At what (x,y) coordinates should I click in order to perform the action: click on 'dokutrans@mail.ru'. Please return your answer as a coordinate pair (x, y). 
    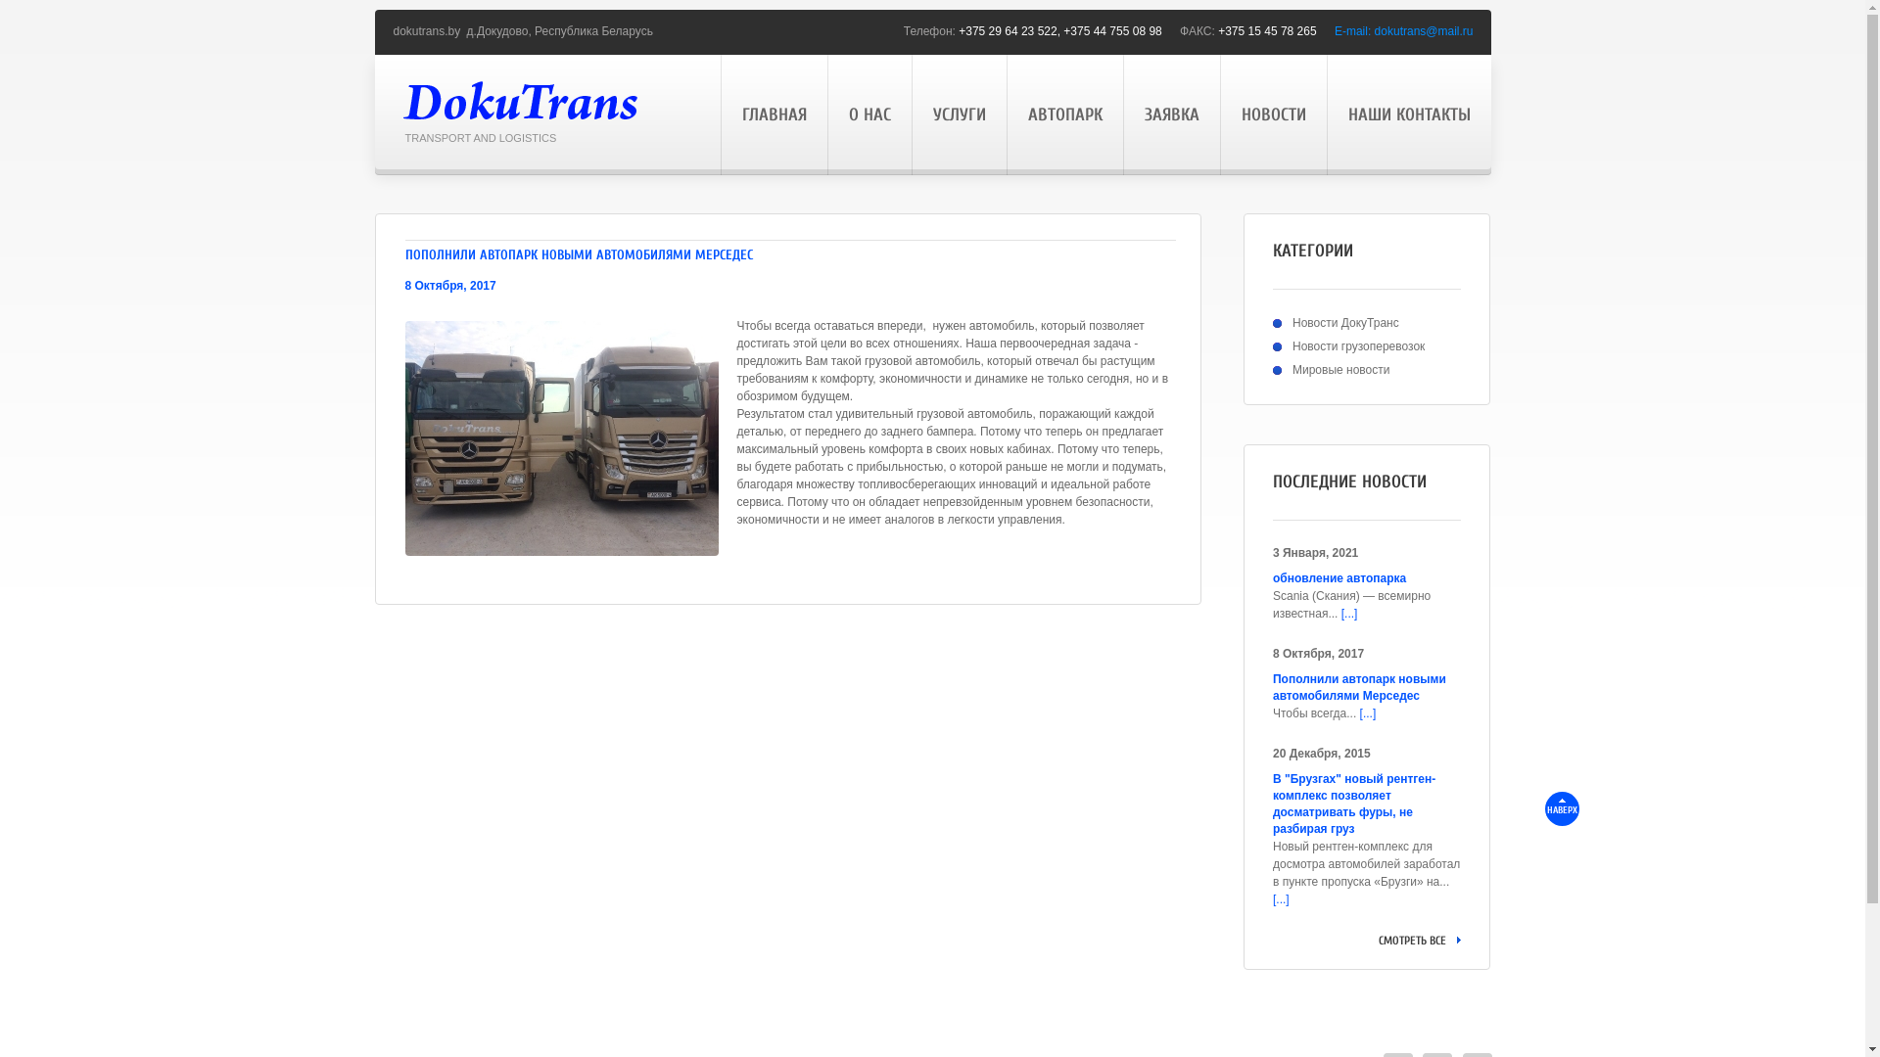
    Looking at the image, I should click on (1424, 30).